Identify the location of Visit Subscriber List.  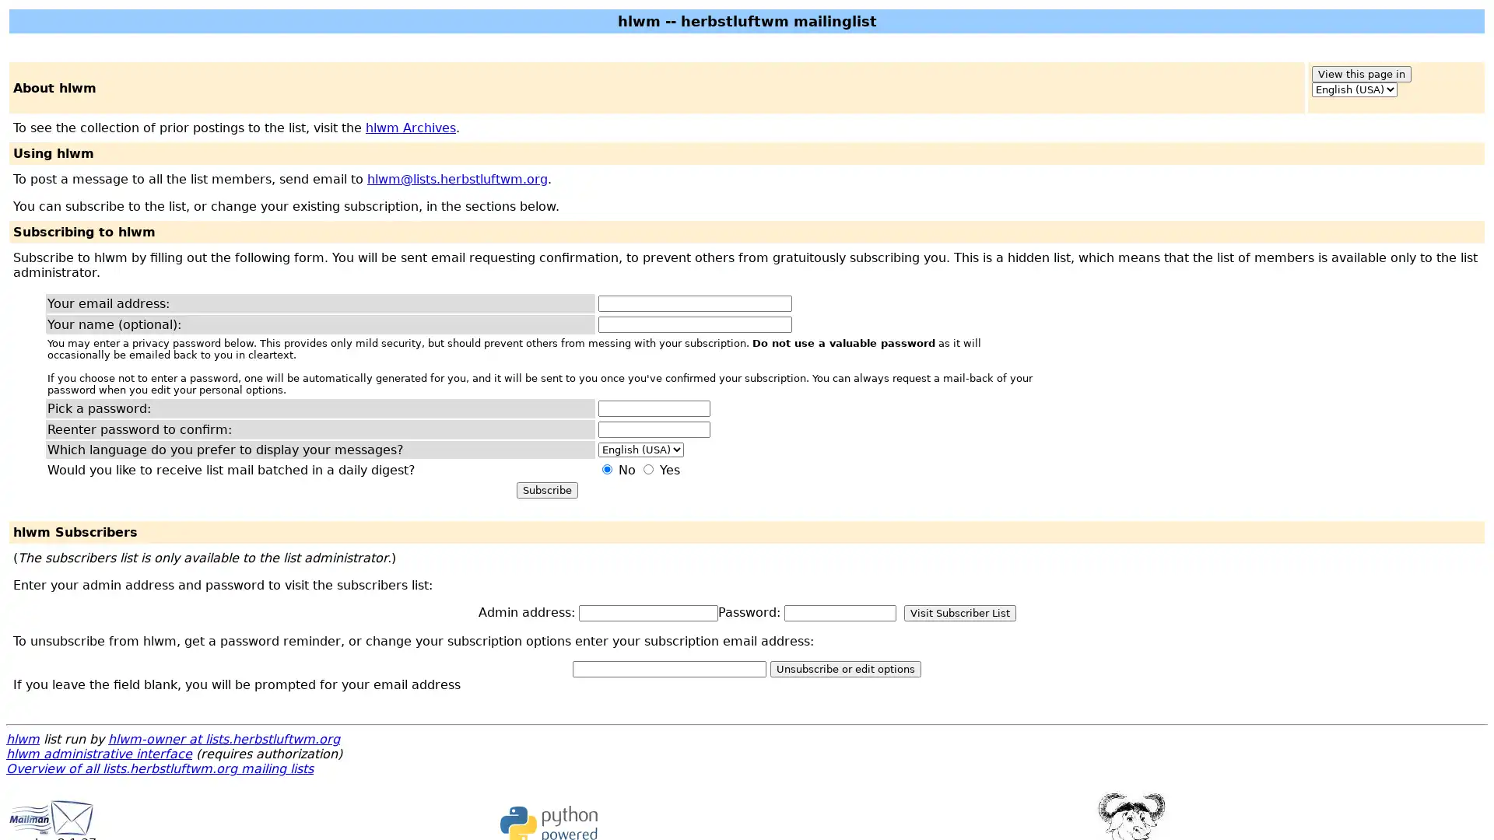
(959, 612).